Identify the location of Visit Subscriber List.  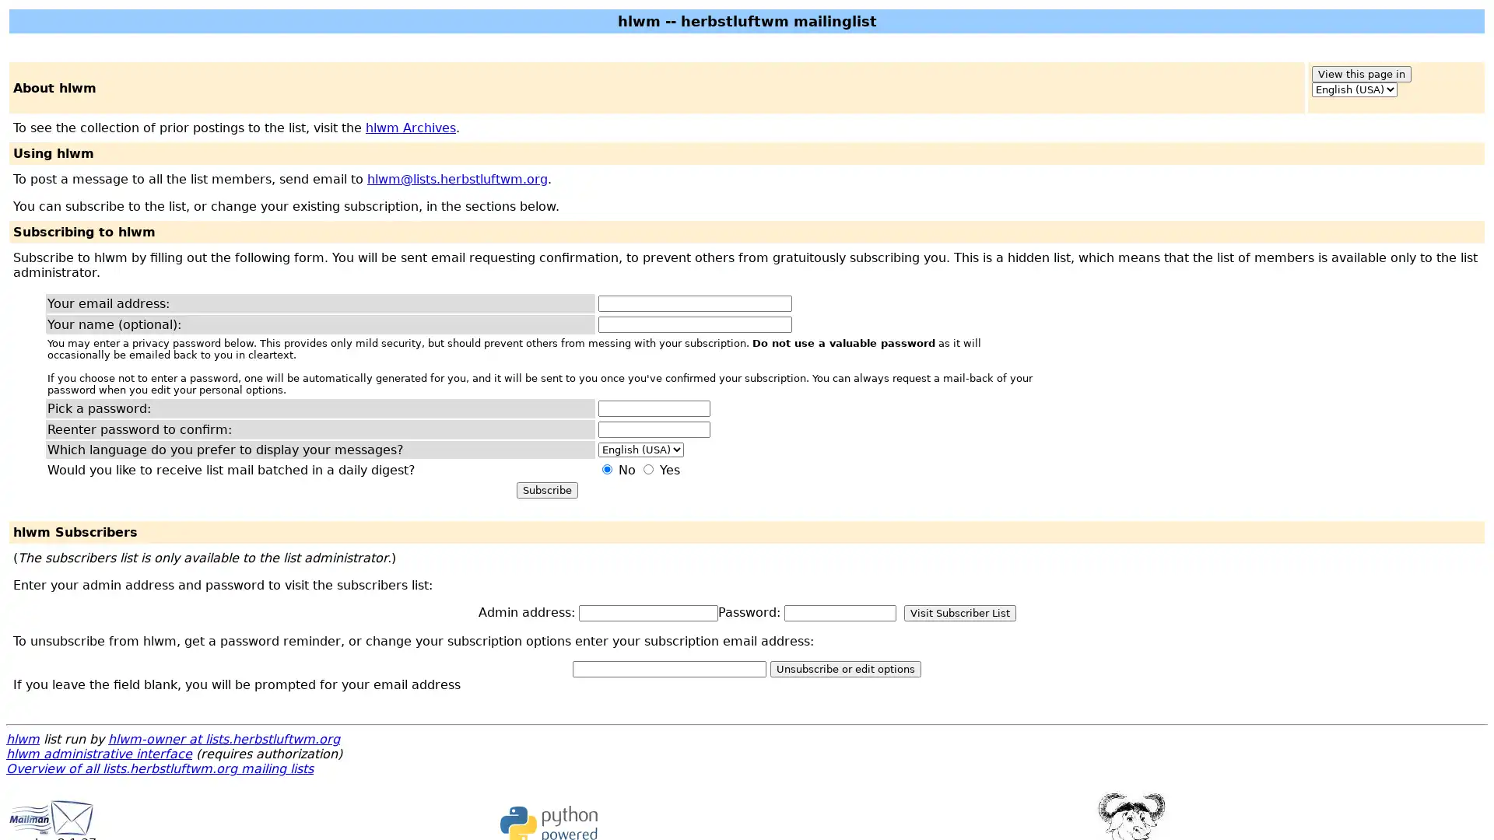
(959, 612).